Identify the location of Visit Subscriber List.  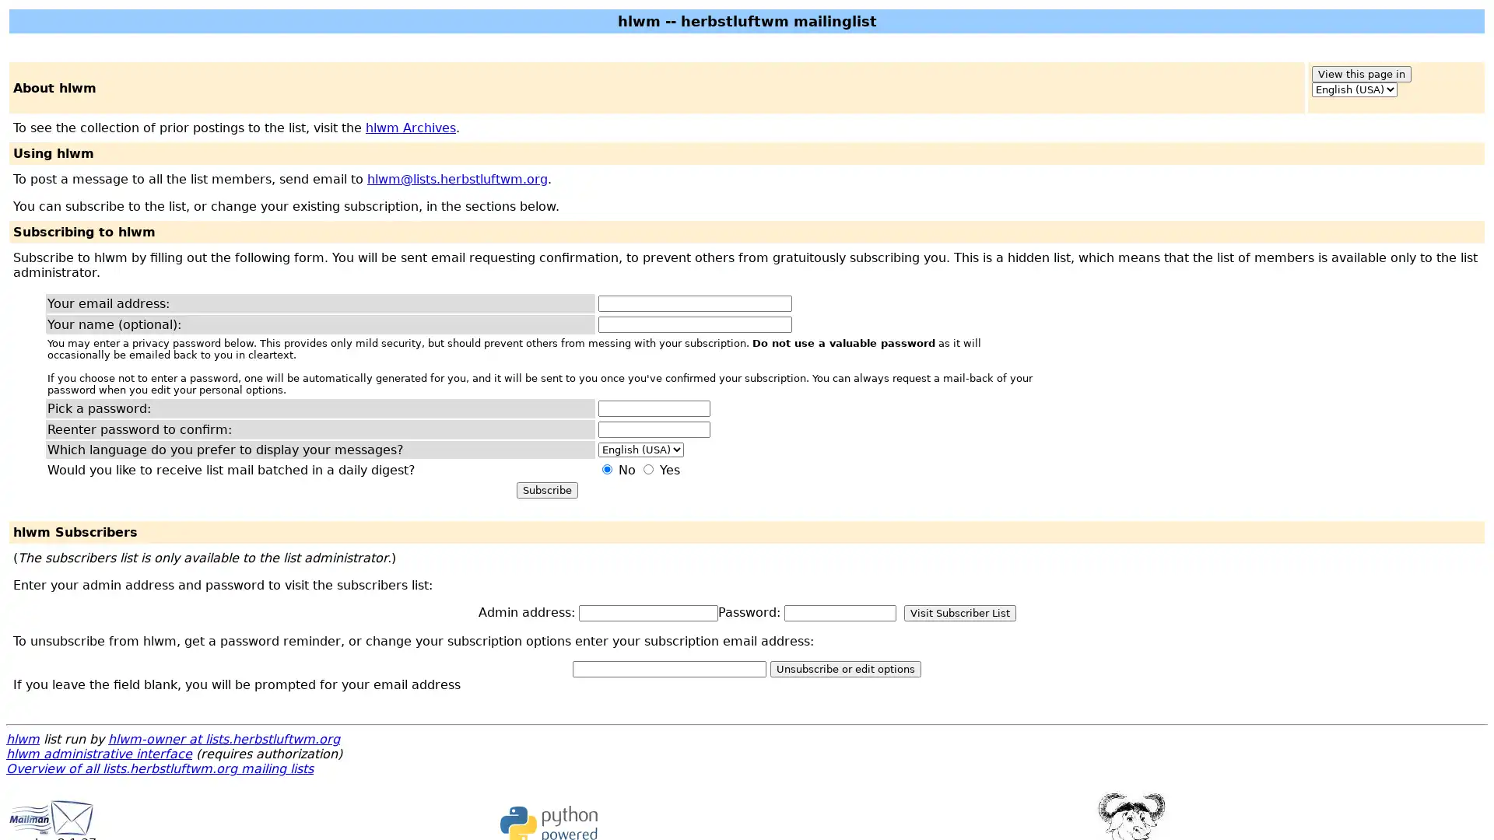
(959, 612).